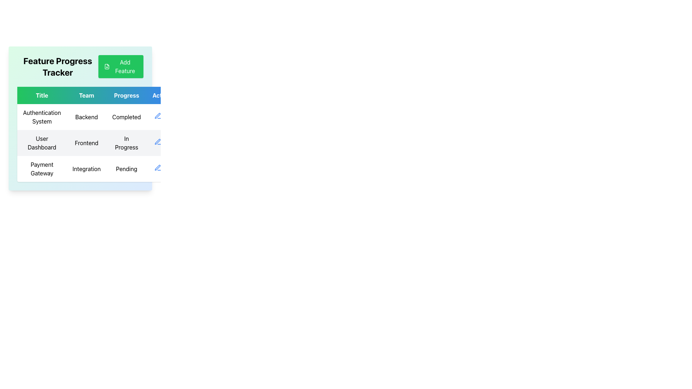  I want to click on the static Text Label in the second row of the table under the 'Team' column, which provides information about the associated team, so click(86, 143).